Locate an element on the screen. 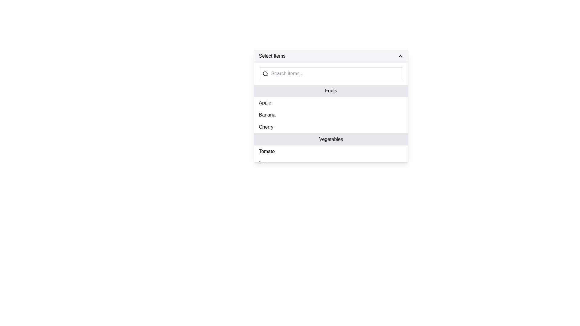  to select the first item 'Tomato' in the dropdown list under the 'Vegetables' section is located at coordinates (330, 151).